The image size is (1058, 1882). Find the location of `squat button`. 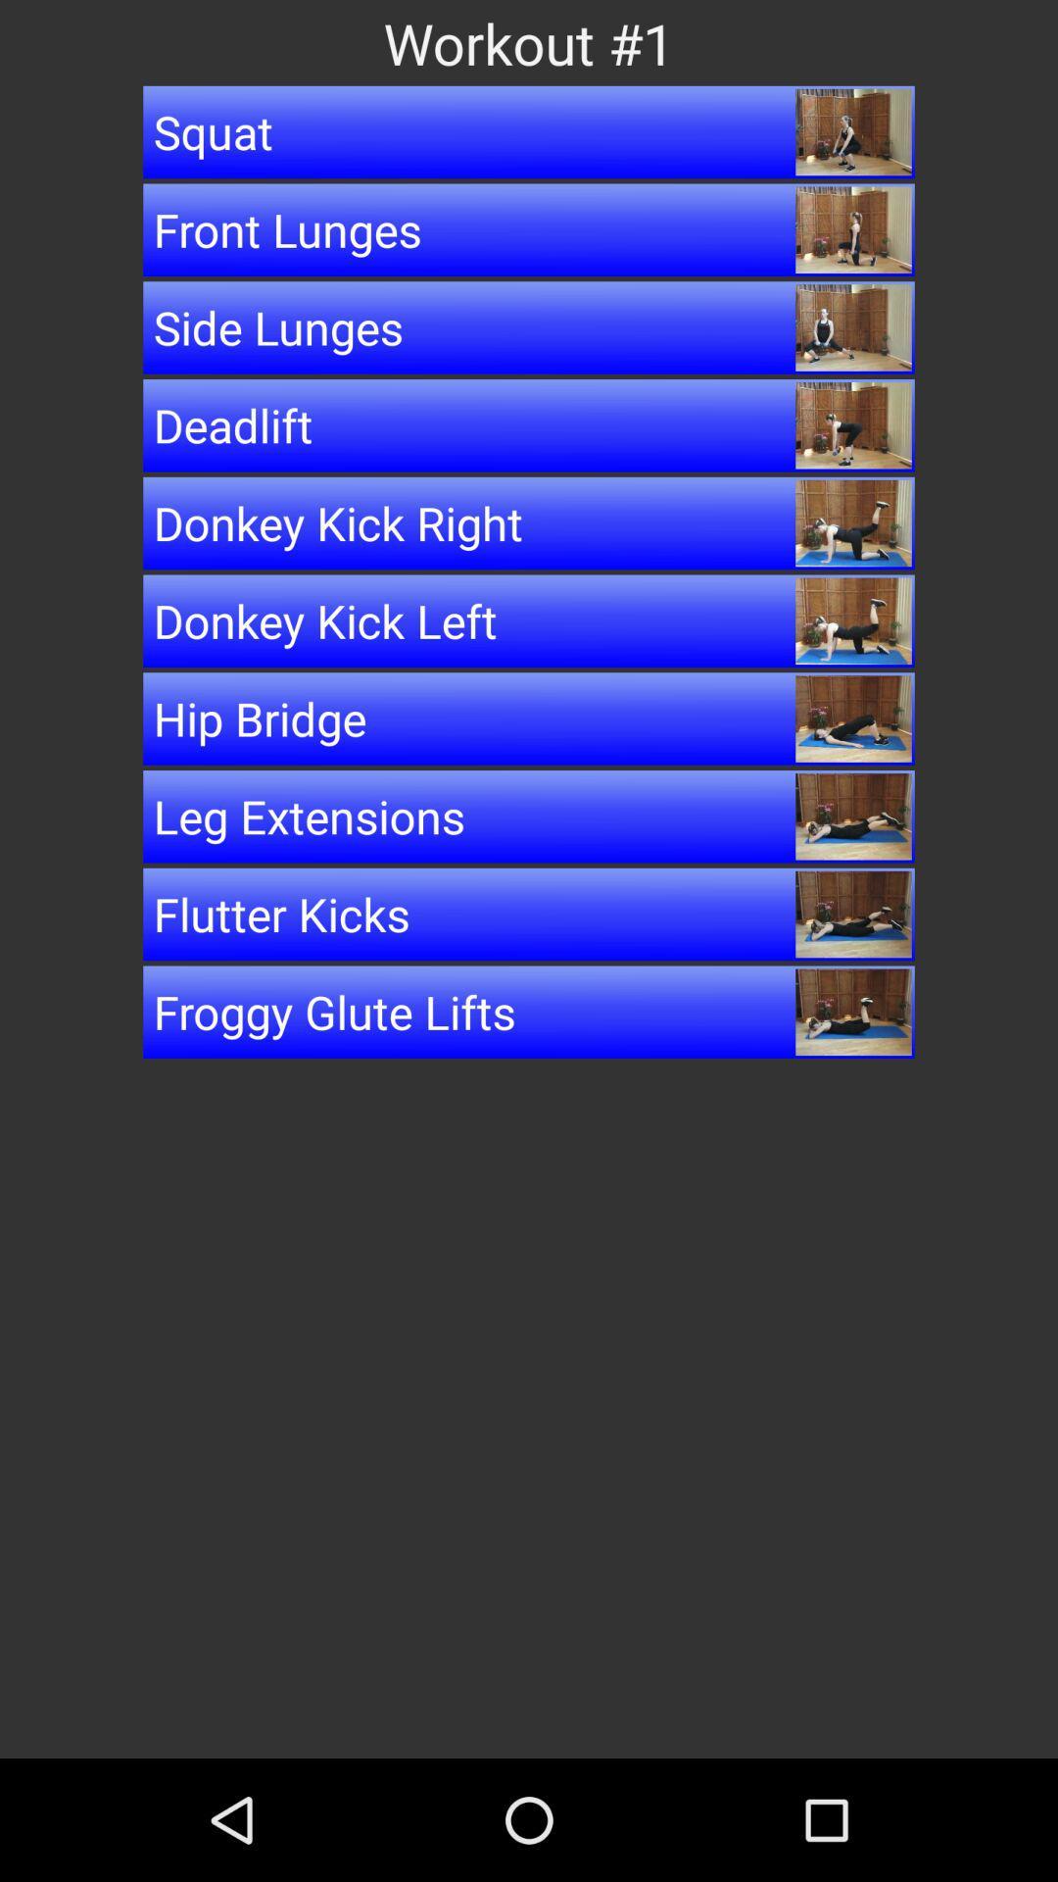

squat button is located at coordinates (529, 130).